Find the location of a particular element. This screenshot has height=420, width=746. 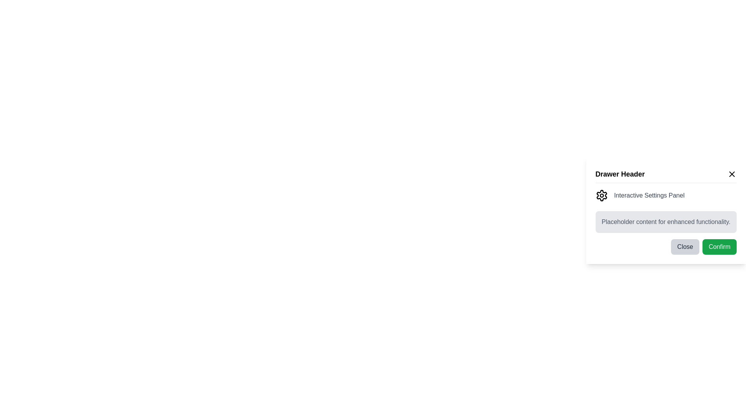

the close button represented by the 'X' icon in the top-right corner of the modal header labeled 'Drawer Header' is located at coordinates (731, 173).